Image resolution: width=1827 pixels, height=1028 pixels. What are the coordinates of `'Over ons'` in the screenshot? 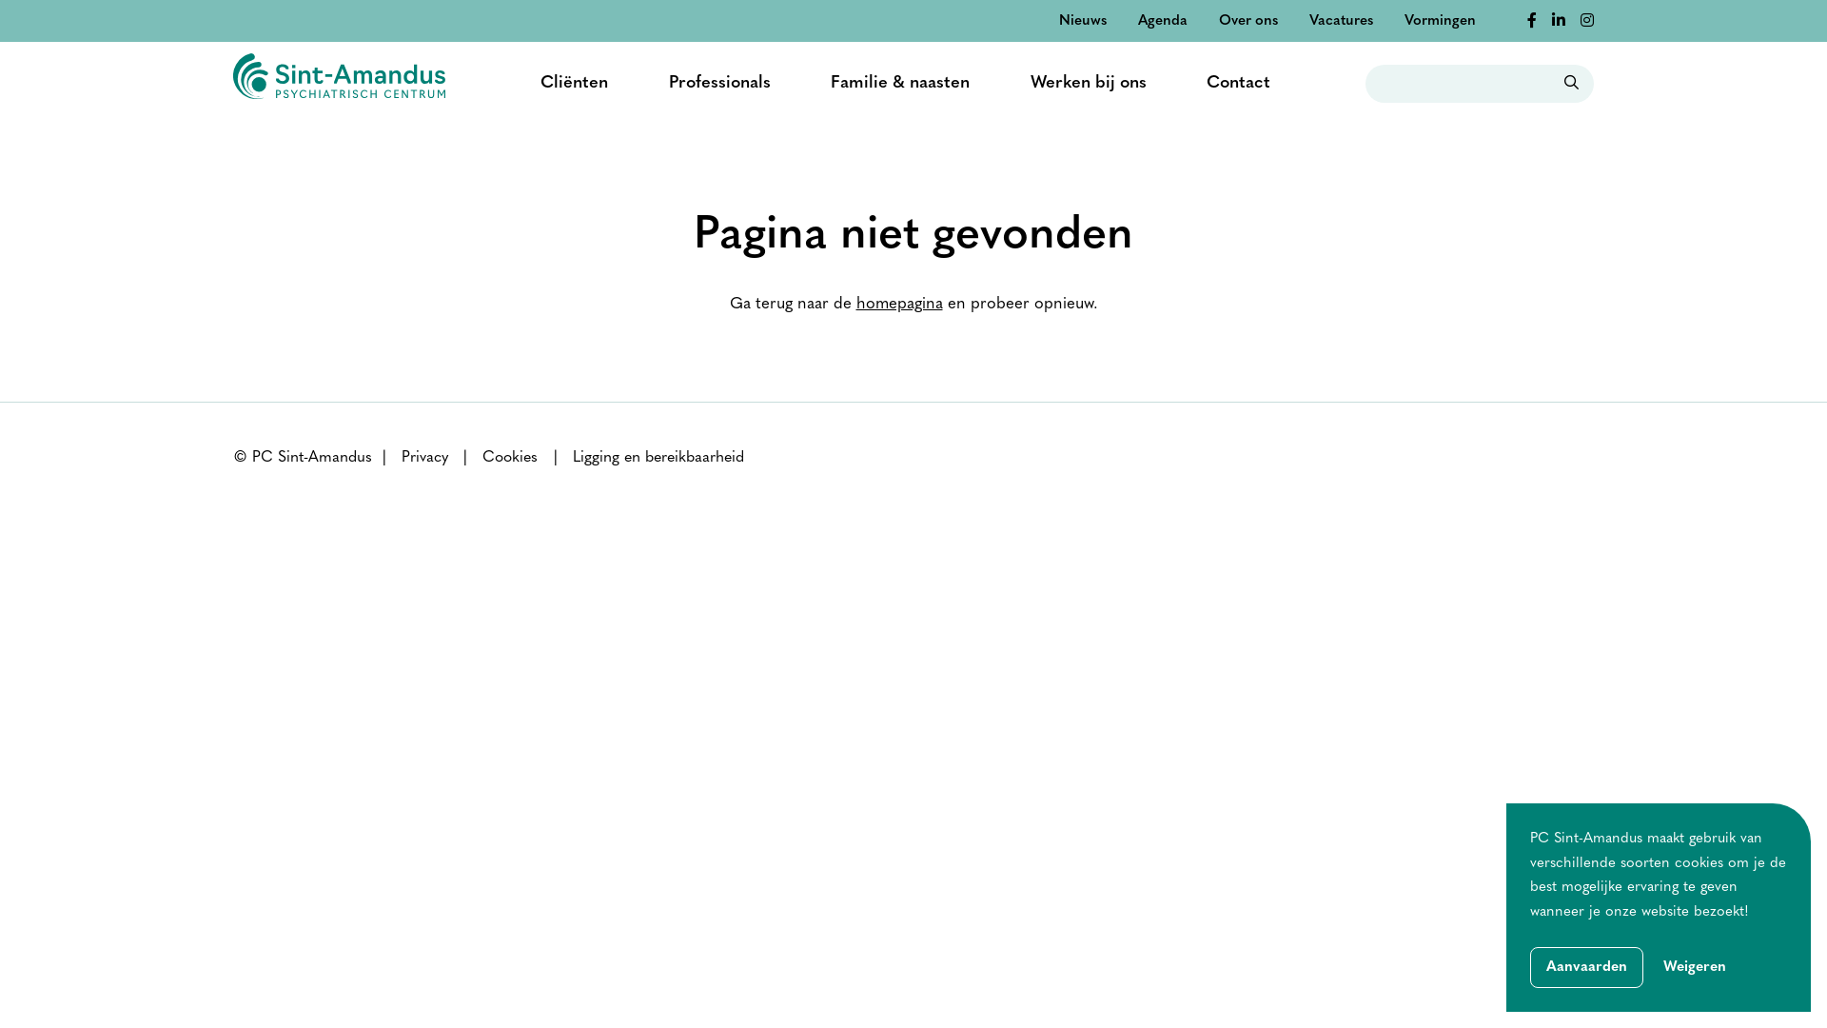 It's located at (1247, 21).